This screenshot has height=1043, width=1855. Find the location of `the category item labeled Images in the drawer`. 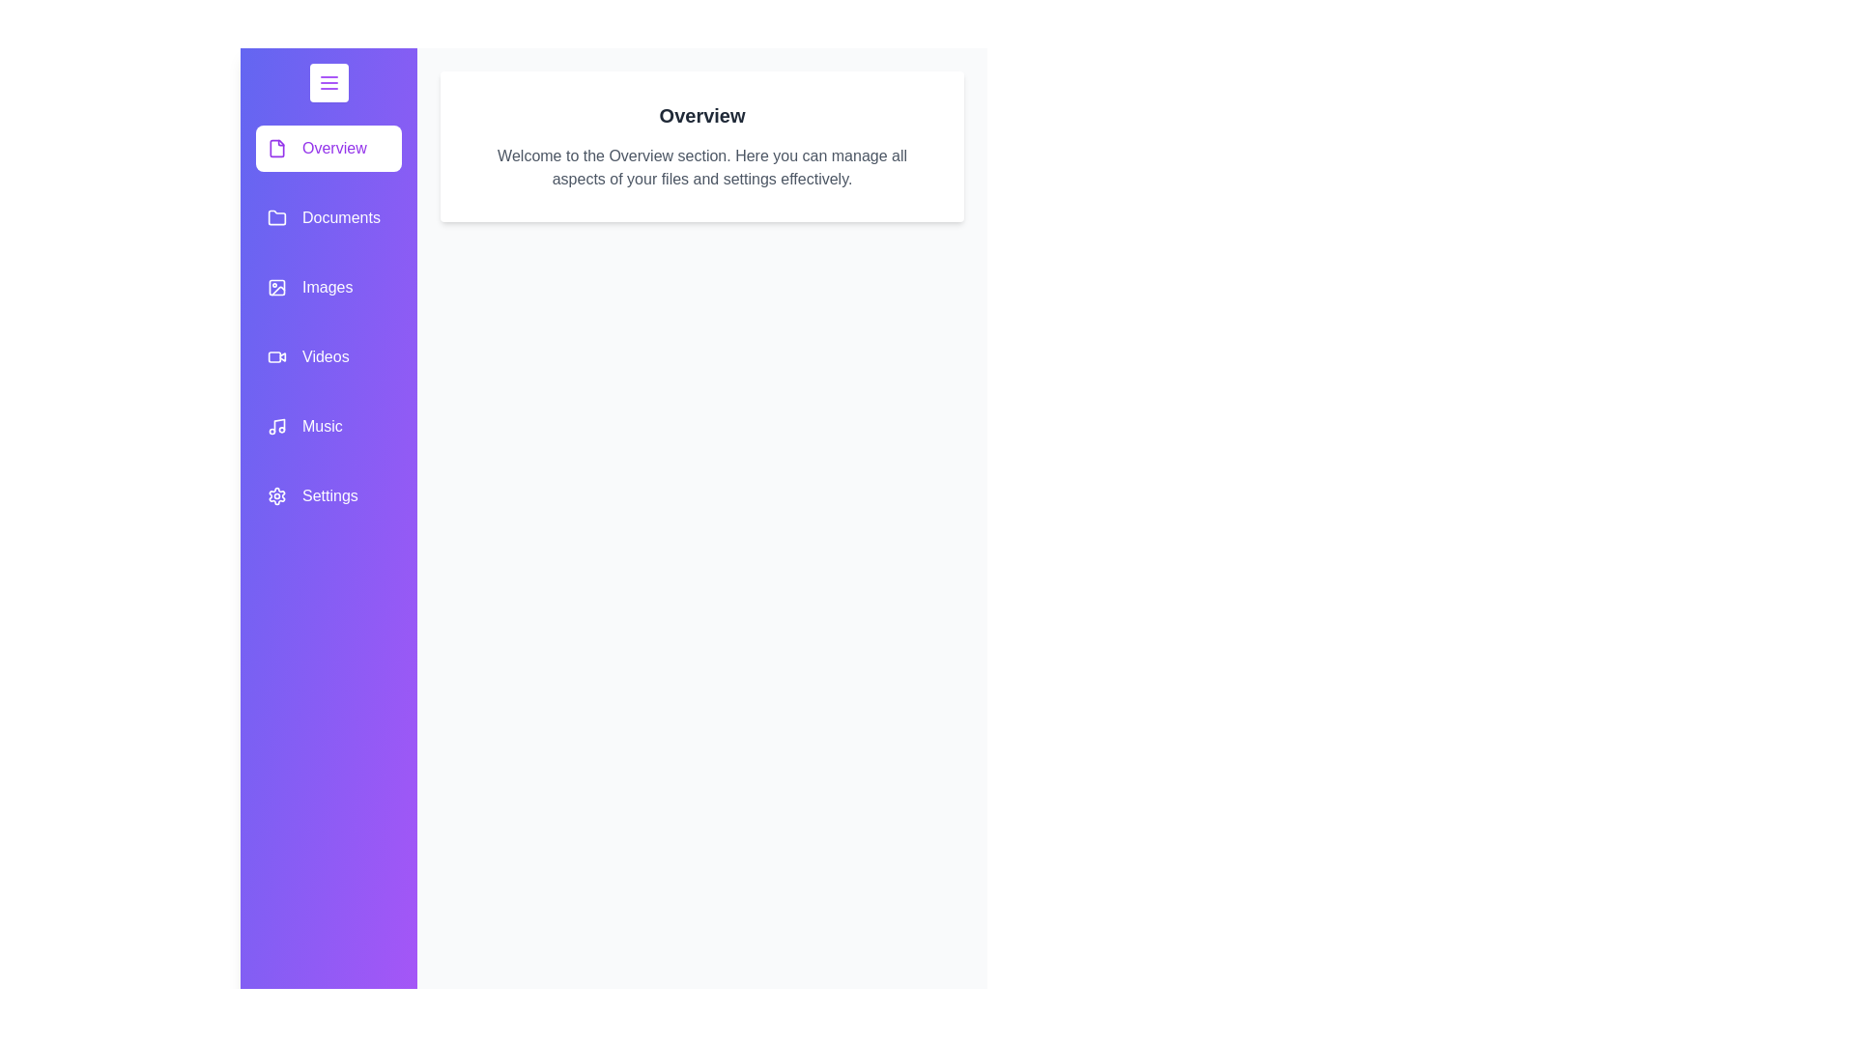

the category item labeled Images in the drawer is located at coordinates (328, 287).